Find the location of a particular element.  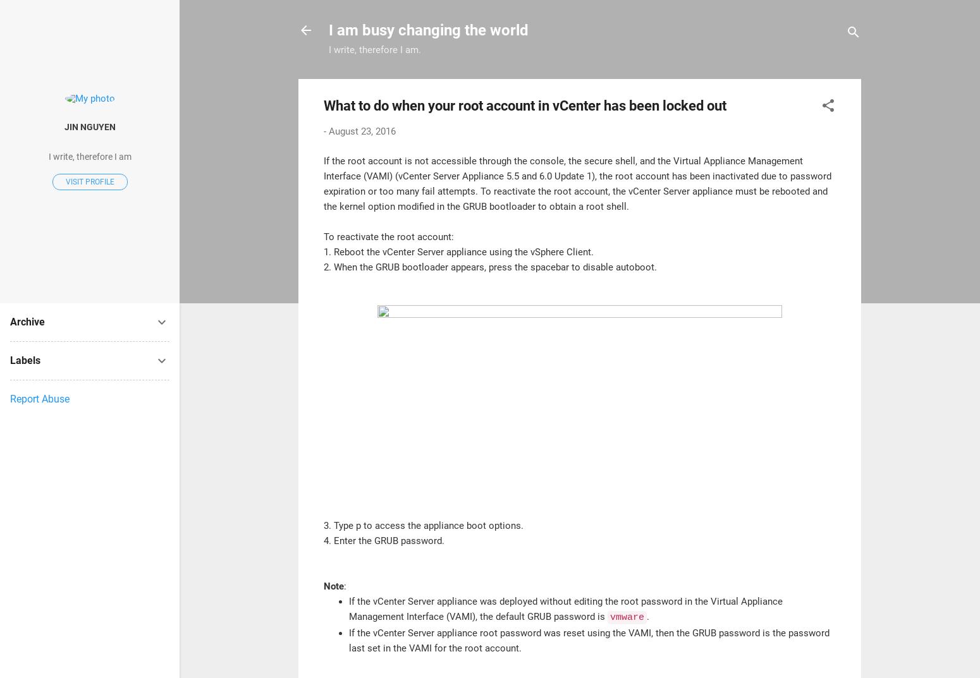

'p' is located at coordinates (358, 525).